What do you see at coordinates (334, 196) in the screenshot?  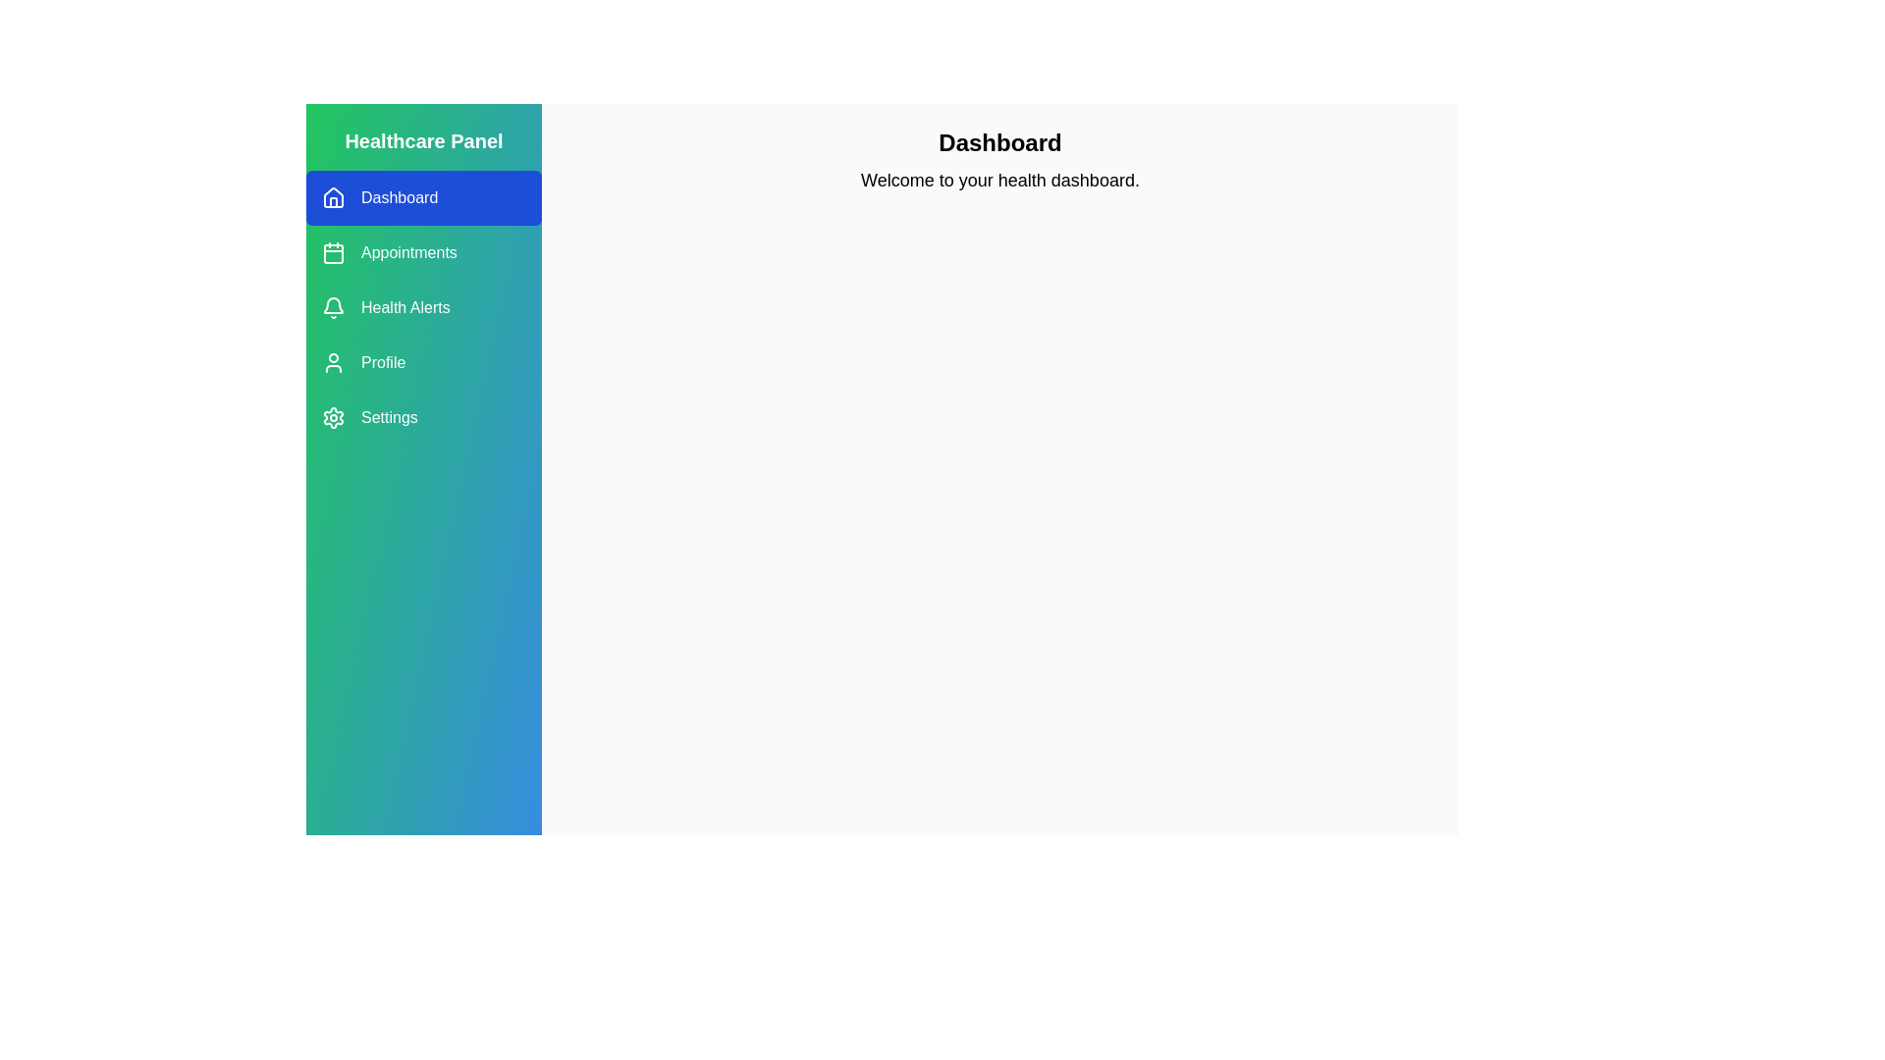 I see `the small house-shaped icon located within the blue-highlighted navigation item, adjacent to the 'Dashboard' label` at bounding box center [334, 196].